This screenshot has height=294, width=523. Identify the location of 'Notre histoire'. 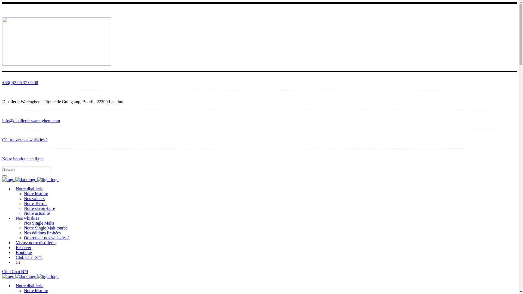
(35, 290).